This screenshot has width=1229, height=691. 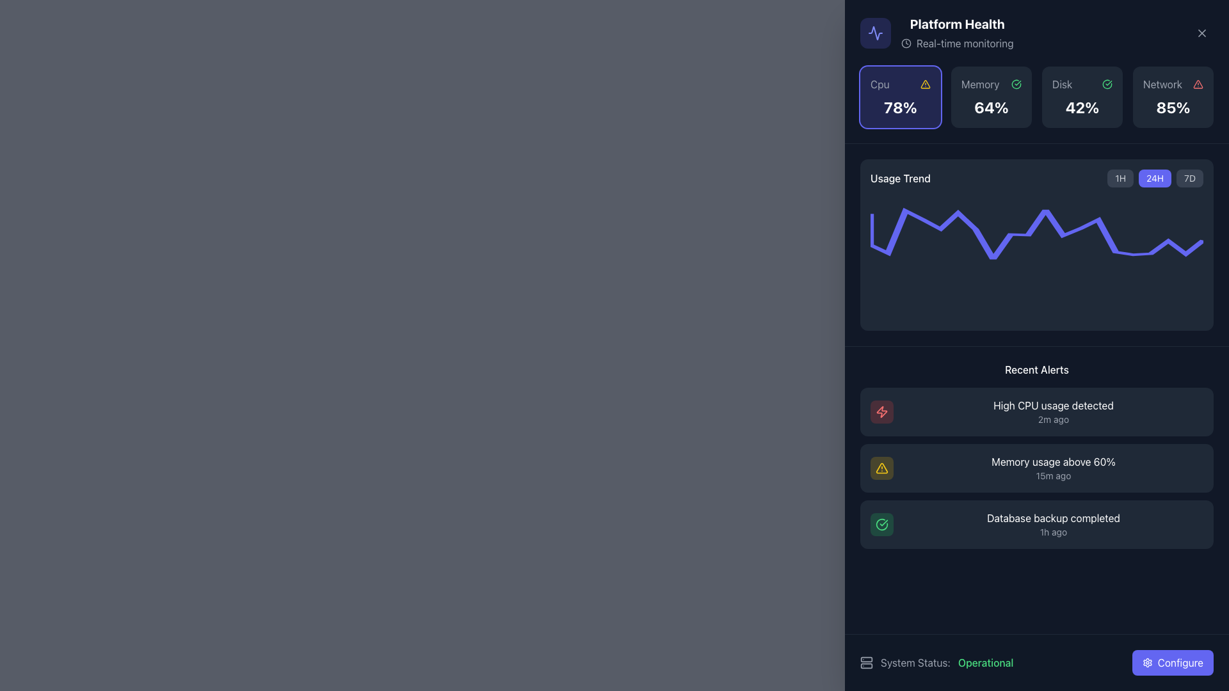 What do you see at coordinates (915, 662) in the screenshot?
I see `the text label indicating the system's operational state, which precedes the 'Operational' text and follows a server icon` at bounding box center [915, 662].